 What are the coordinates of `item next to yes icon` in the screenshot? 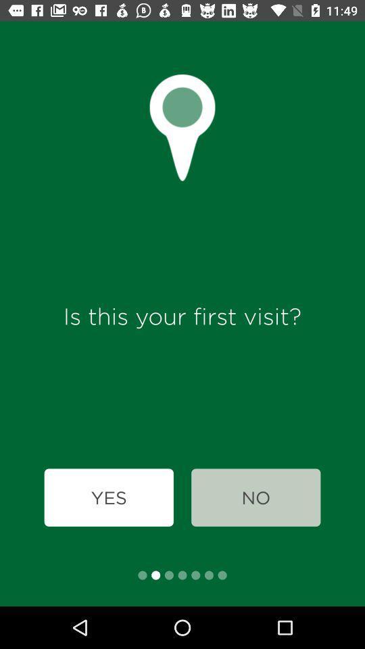 It's located at (255, 497).